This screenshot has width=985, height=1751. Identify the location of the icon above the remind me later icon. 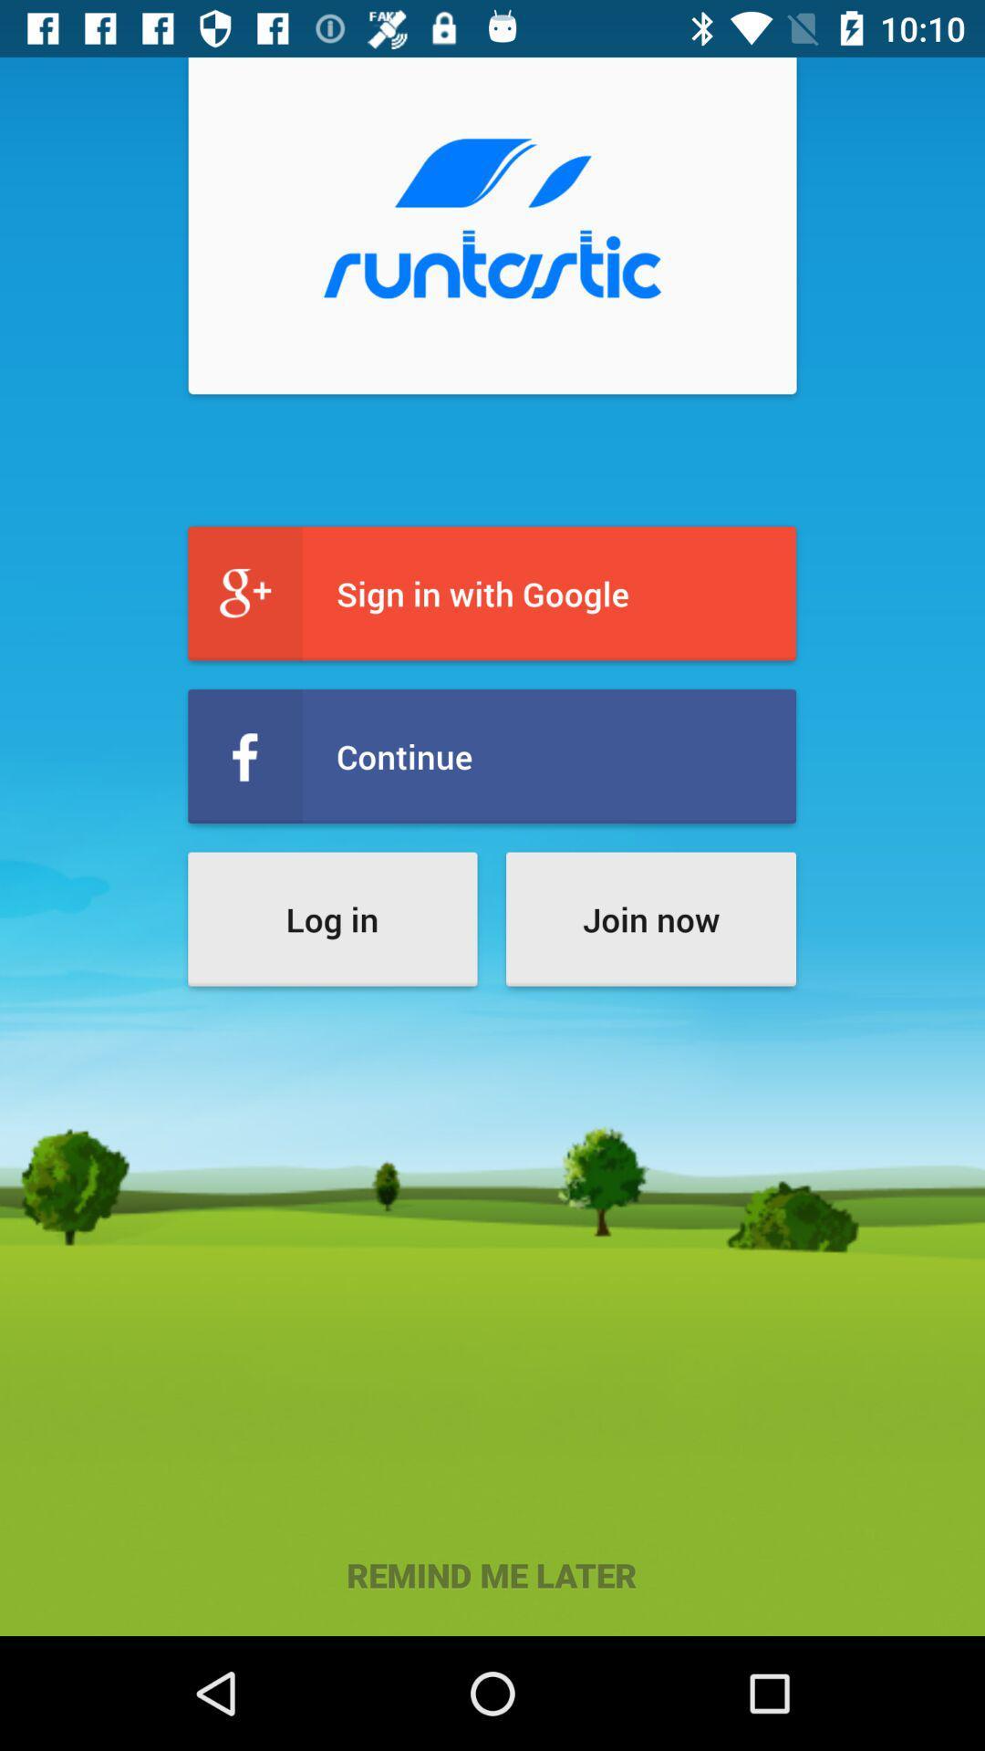
(332, 919).